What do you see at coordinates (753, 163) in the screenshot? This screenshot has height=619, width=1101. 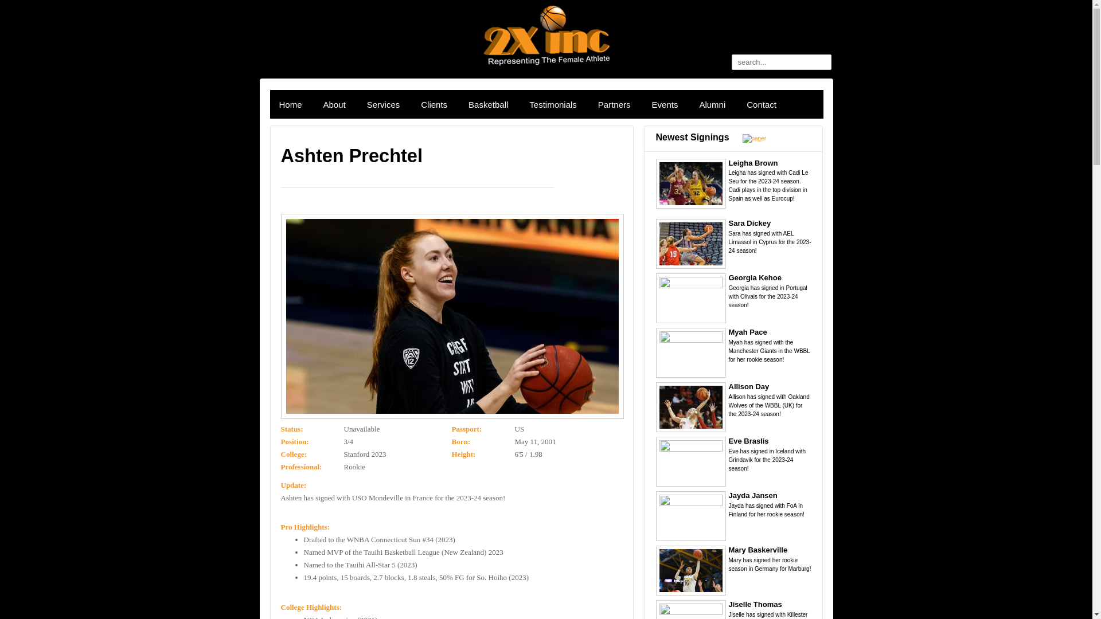 I see `'Leigha Brown'` at bounding box center [753, 163].